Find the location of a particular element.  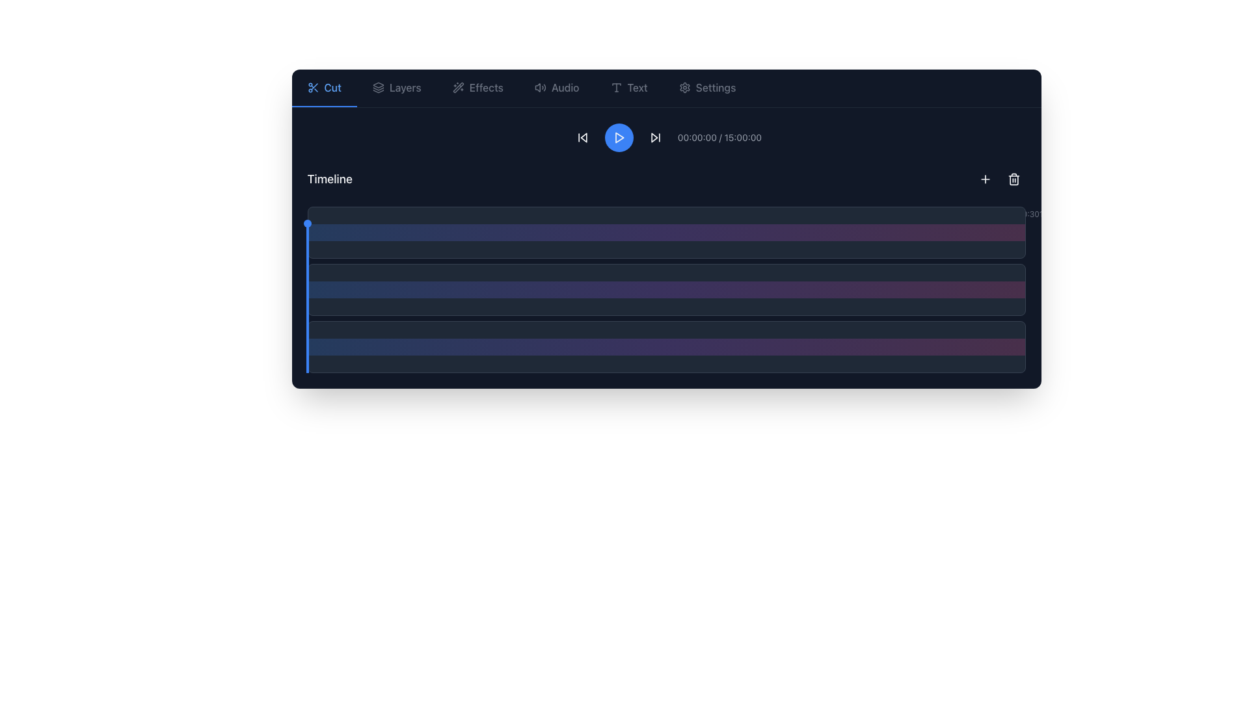

the Text label located in the horizontal navigation bar, positioned between the 'Audio' and 'Settings' labels is located at coordinates (638, 88).